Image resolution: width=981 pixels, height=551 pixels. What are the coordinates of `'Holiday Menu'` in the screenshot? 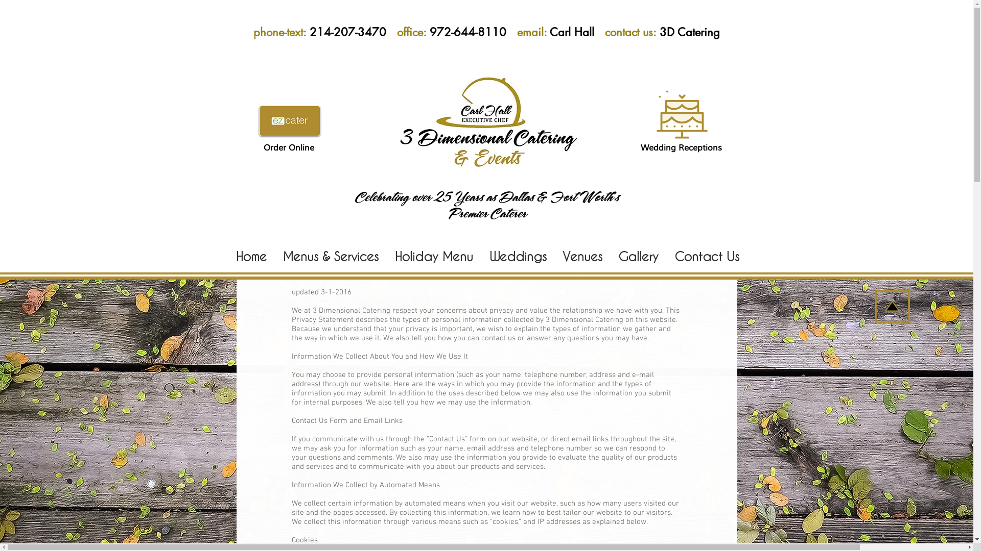 It's located at (434, 255).